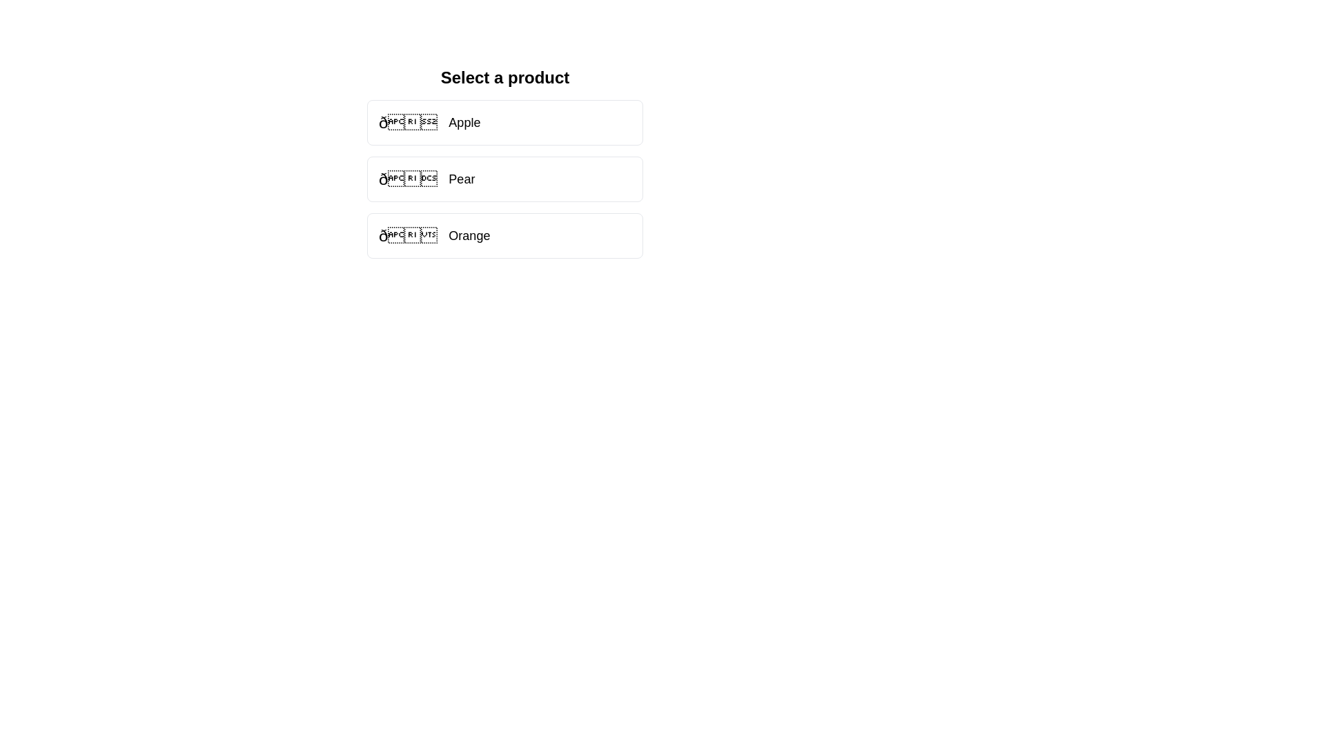 This screenshot has width=1325, height=745. Describe the element at coordinates (407, 178) in the screenshot. I see `the pear emoji icon located at the leftmost position in the row, adjacent to the label text 'Pear', for potential interaction` at that location.